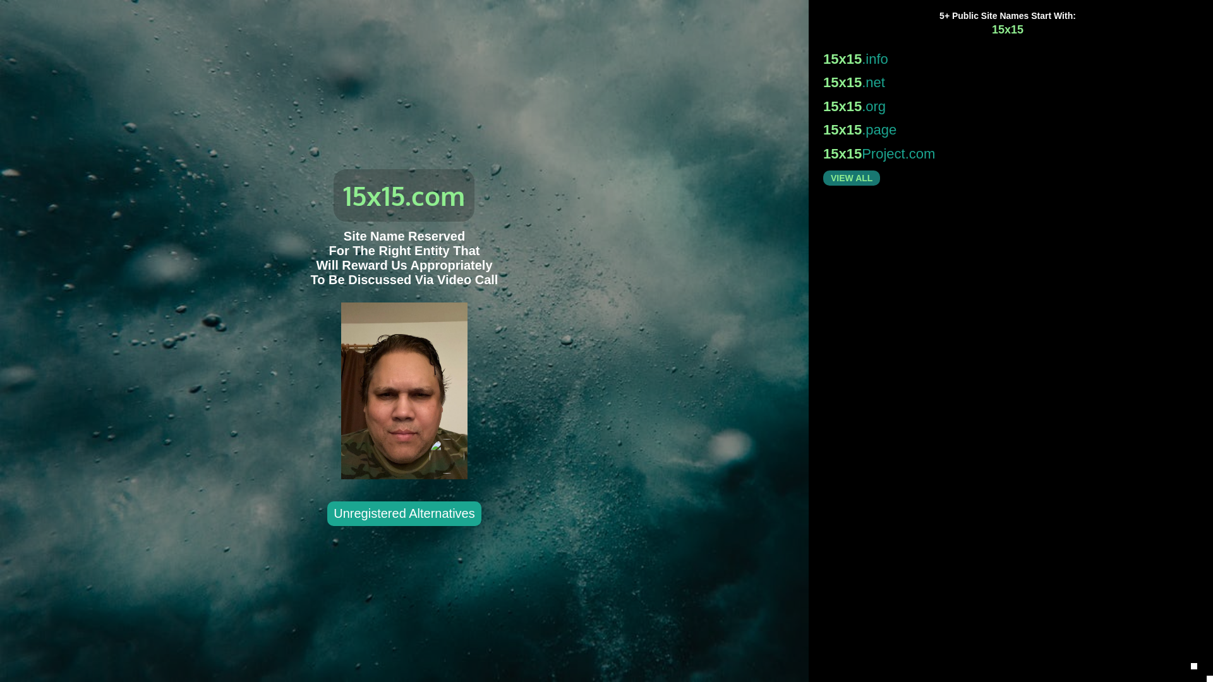  What do you see at coordinates (403, 514) in the screenshot?
I see `'Unregistered Alternatives'` at bounding box center [403, 514].